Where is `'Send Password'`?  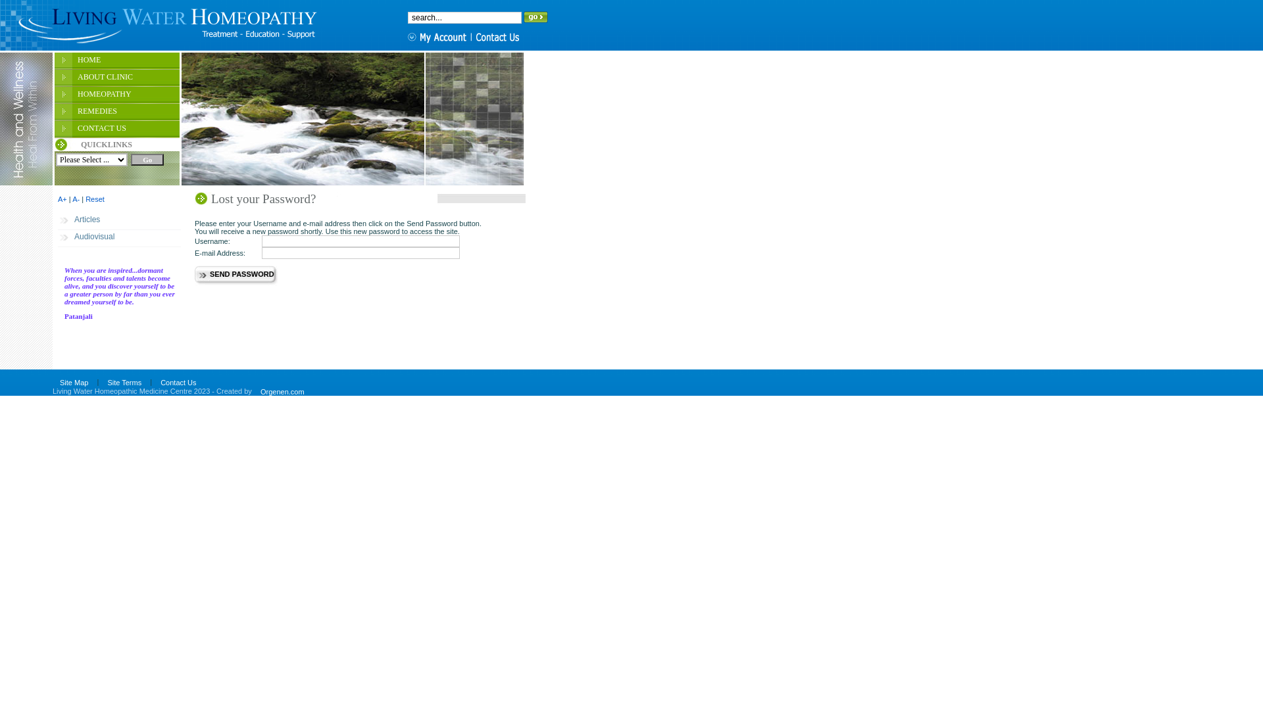
'Send Password' is located at coordinates (194, 275).